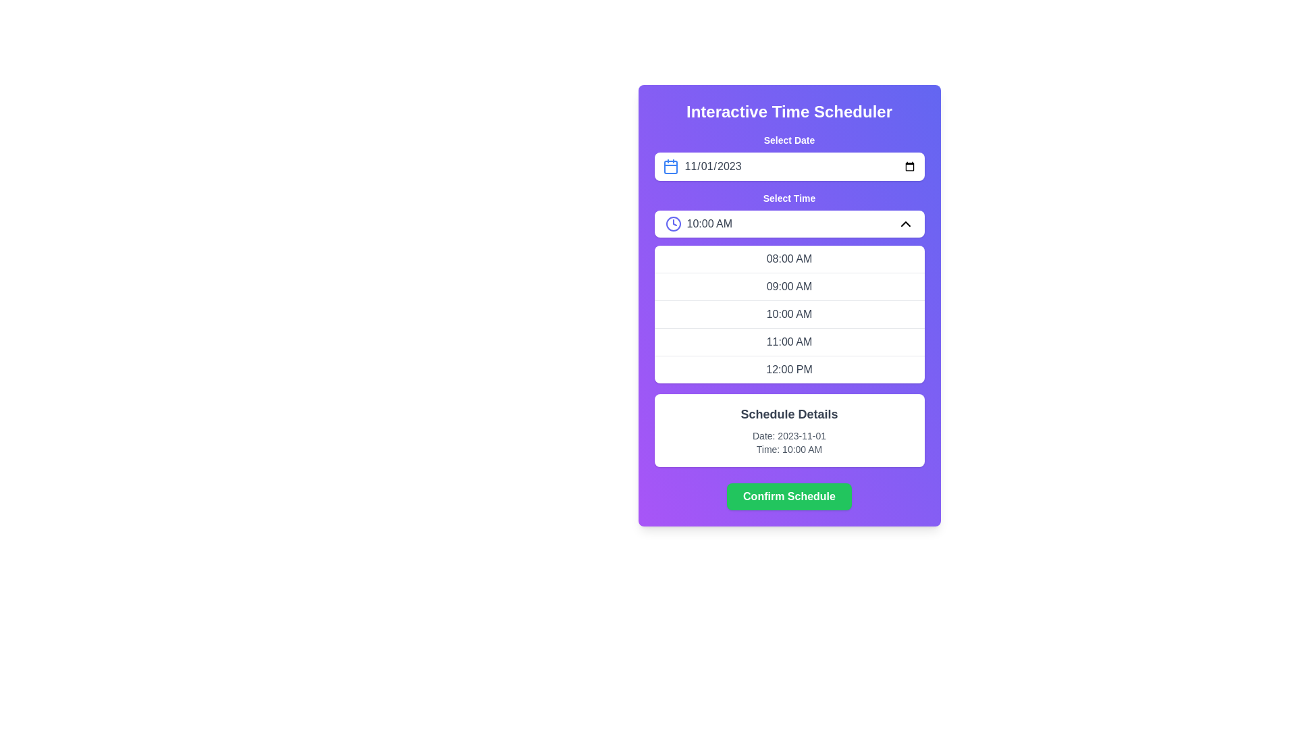  Describe the element at coordinates (789, 450) in the screenshot. I see `the static text element displaying 'Time: 10:00 AM' within the 'Schedule Details' section` at that location.